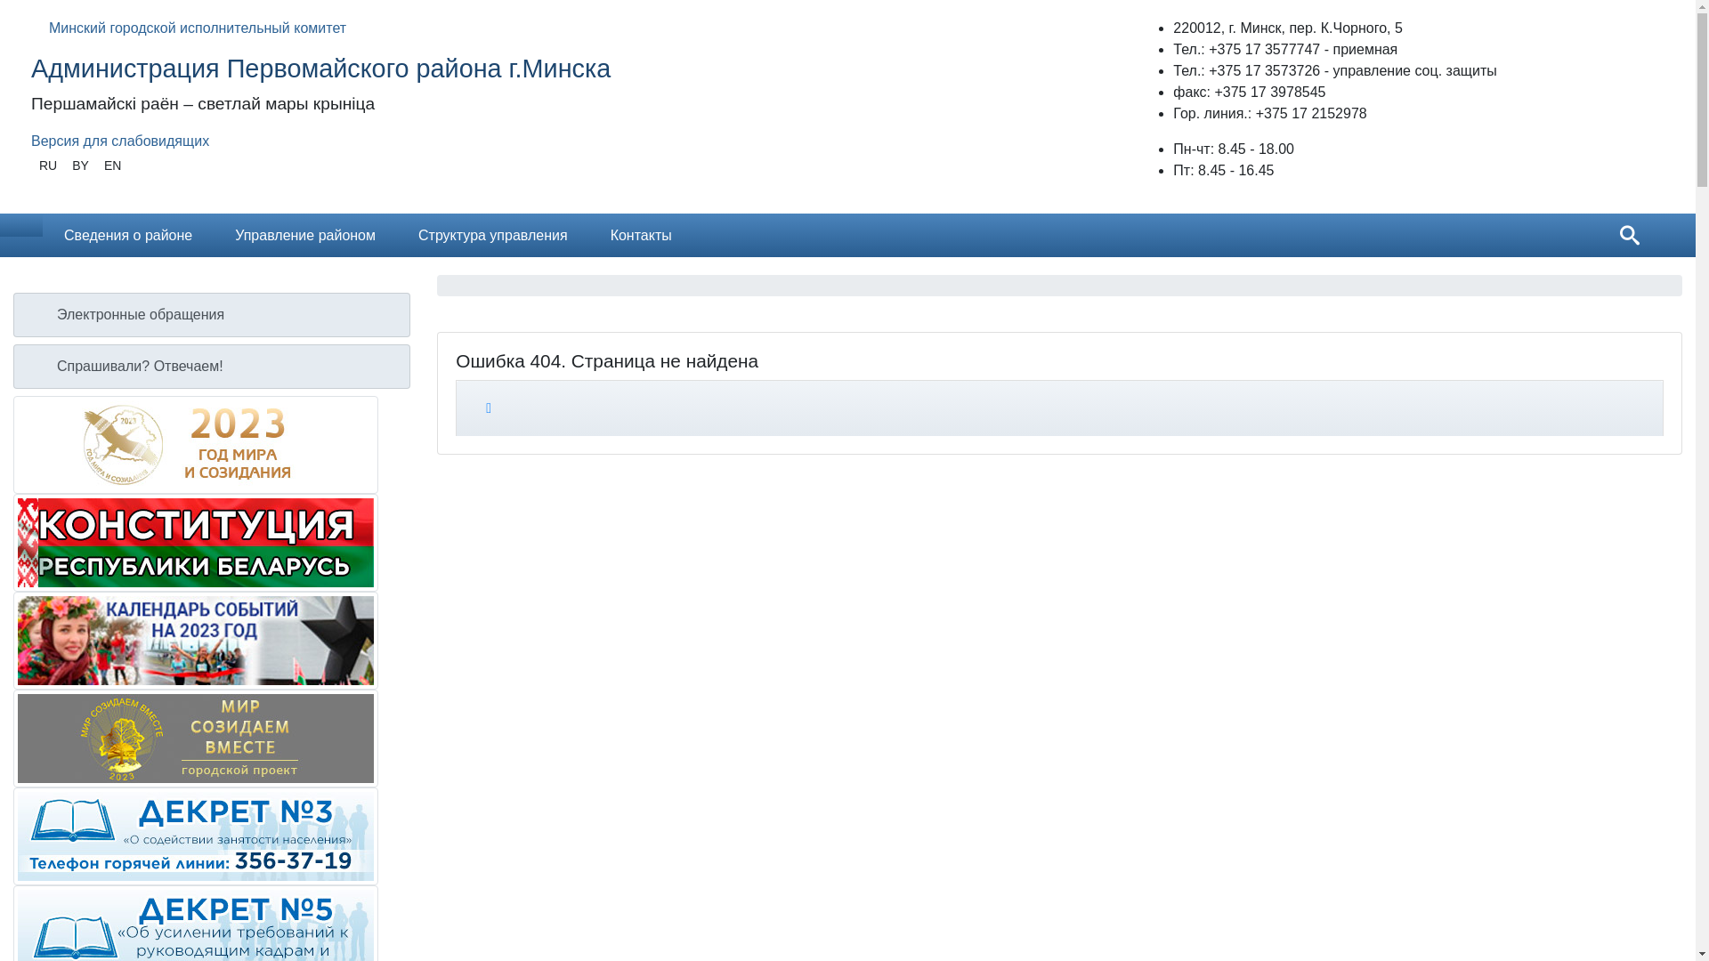 Image resolution: width=1709 pixels, height=961 pixels. Describe the element at coordinates (79, 166) in the screenshot. I see `'BY'` at that location.